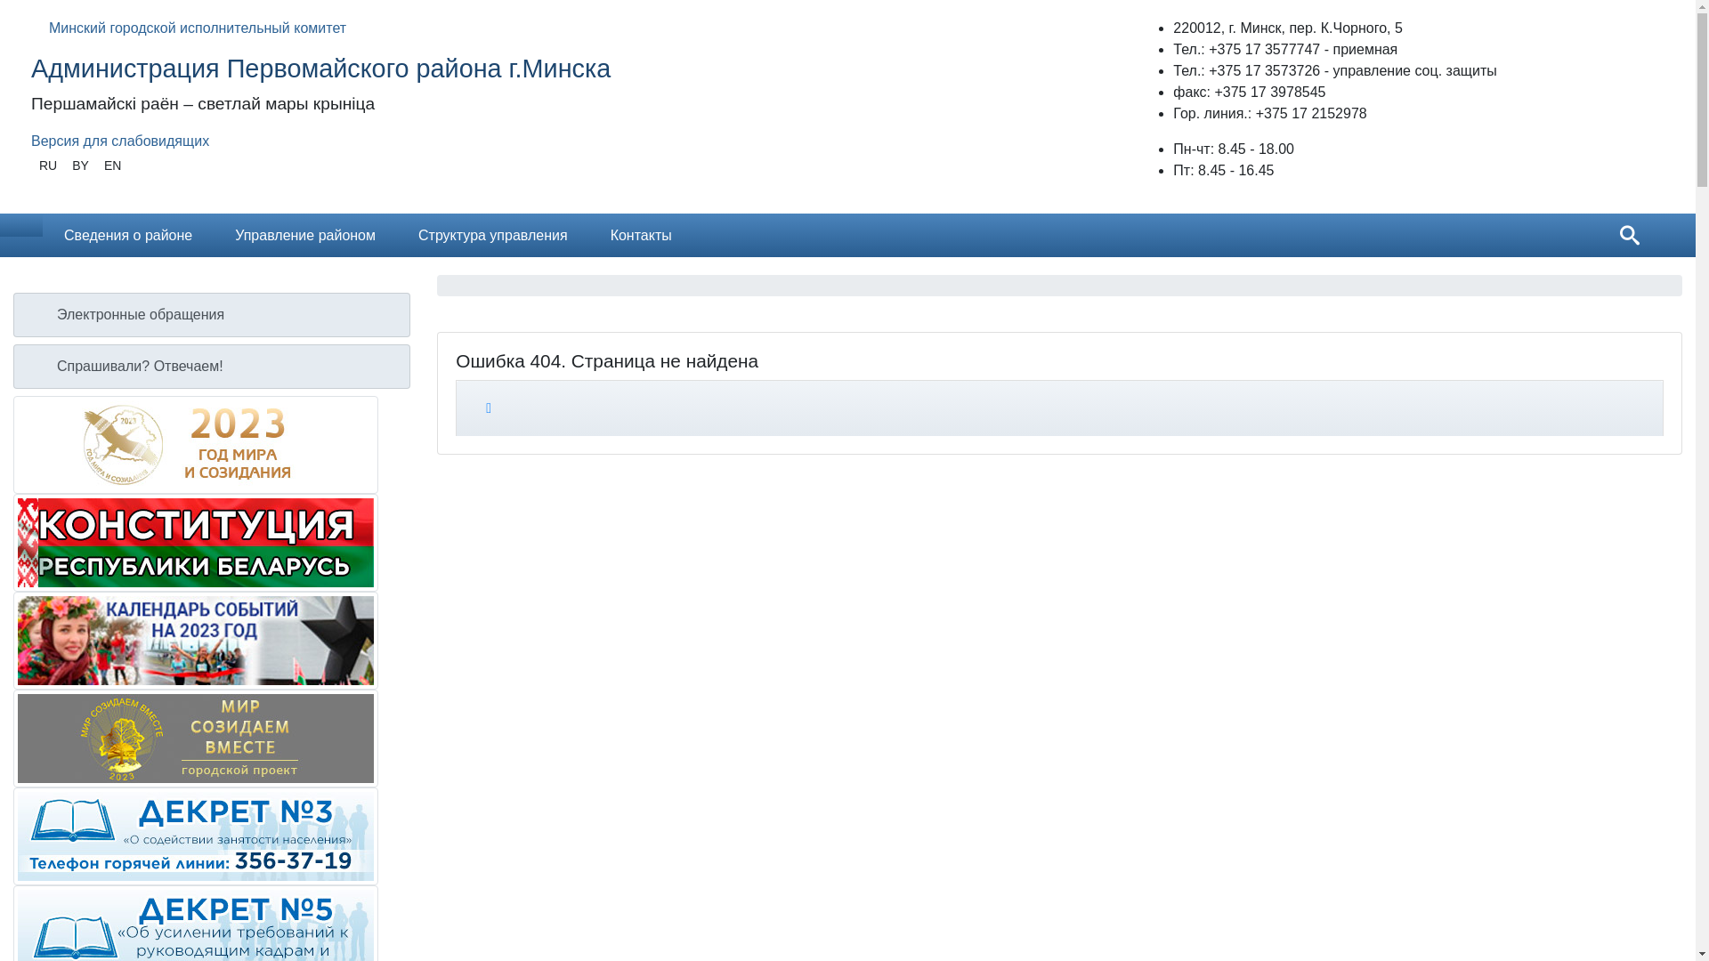 Image resolution: width=1709 pixels, height=961 pixels. Describe the element at coordinates (79, 166) in the screenshot. I see `'BY'` at that location.